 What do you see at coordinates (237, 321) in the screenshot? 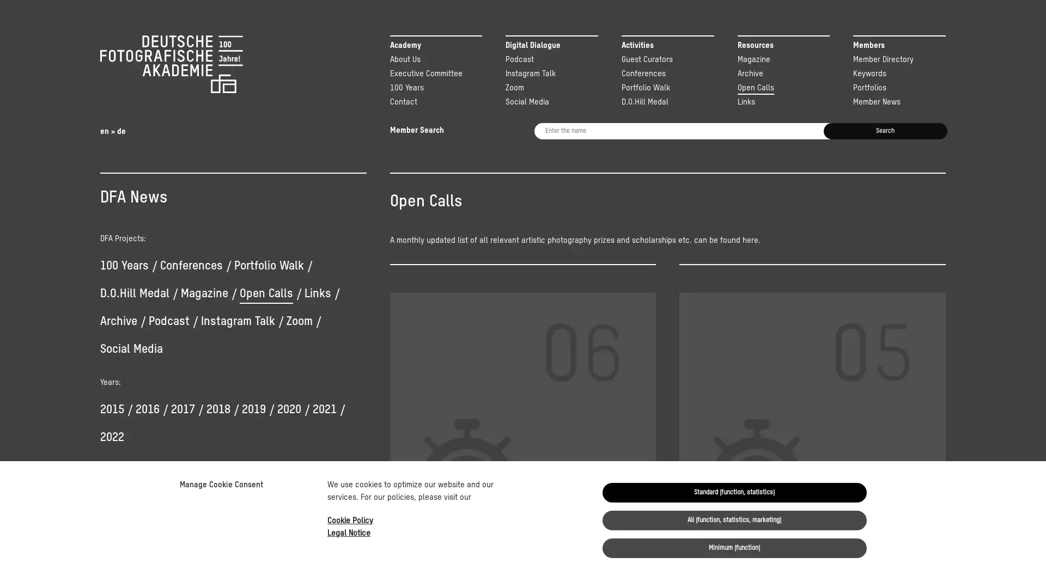
I see `Instagram Talk` at bounding box center [237, 321].